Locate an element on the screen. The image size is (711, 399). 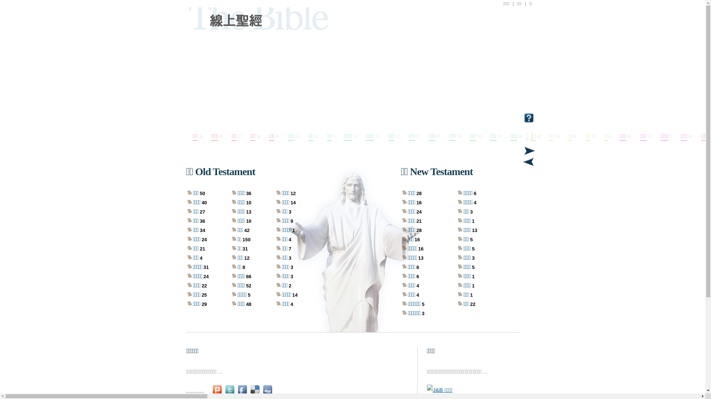
'Digg' is located at coordinates (268, 393).